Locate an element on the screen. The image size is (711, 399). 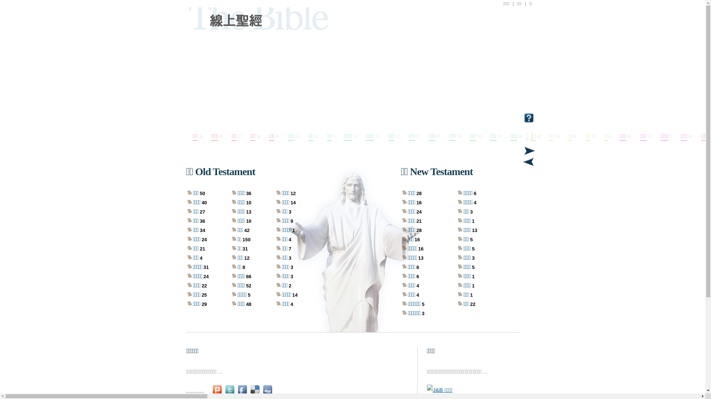
'Digg' is located at coordinates (268, 393).